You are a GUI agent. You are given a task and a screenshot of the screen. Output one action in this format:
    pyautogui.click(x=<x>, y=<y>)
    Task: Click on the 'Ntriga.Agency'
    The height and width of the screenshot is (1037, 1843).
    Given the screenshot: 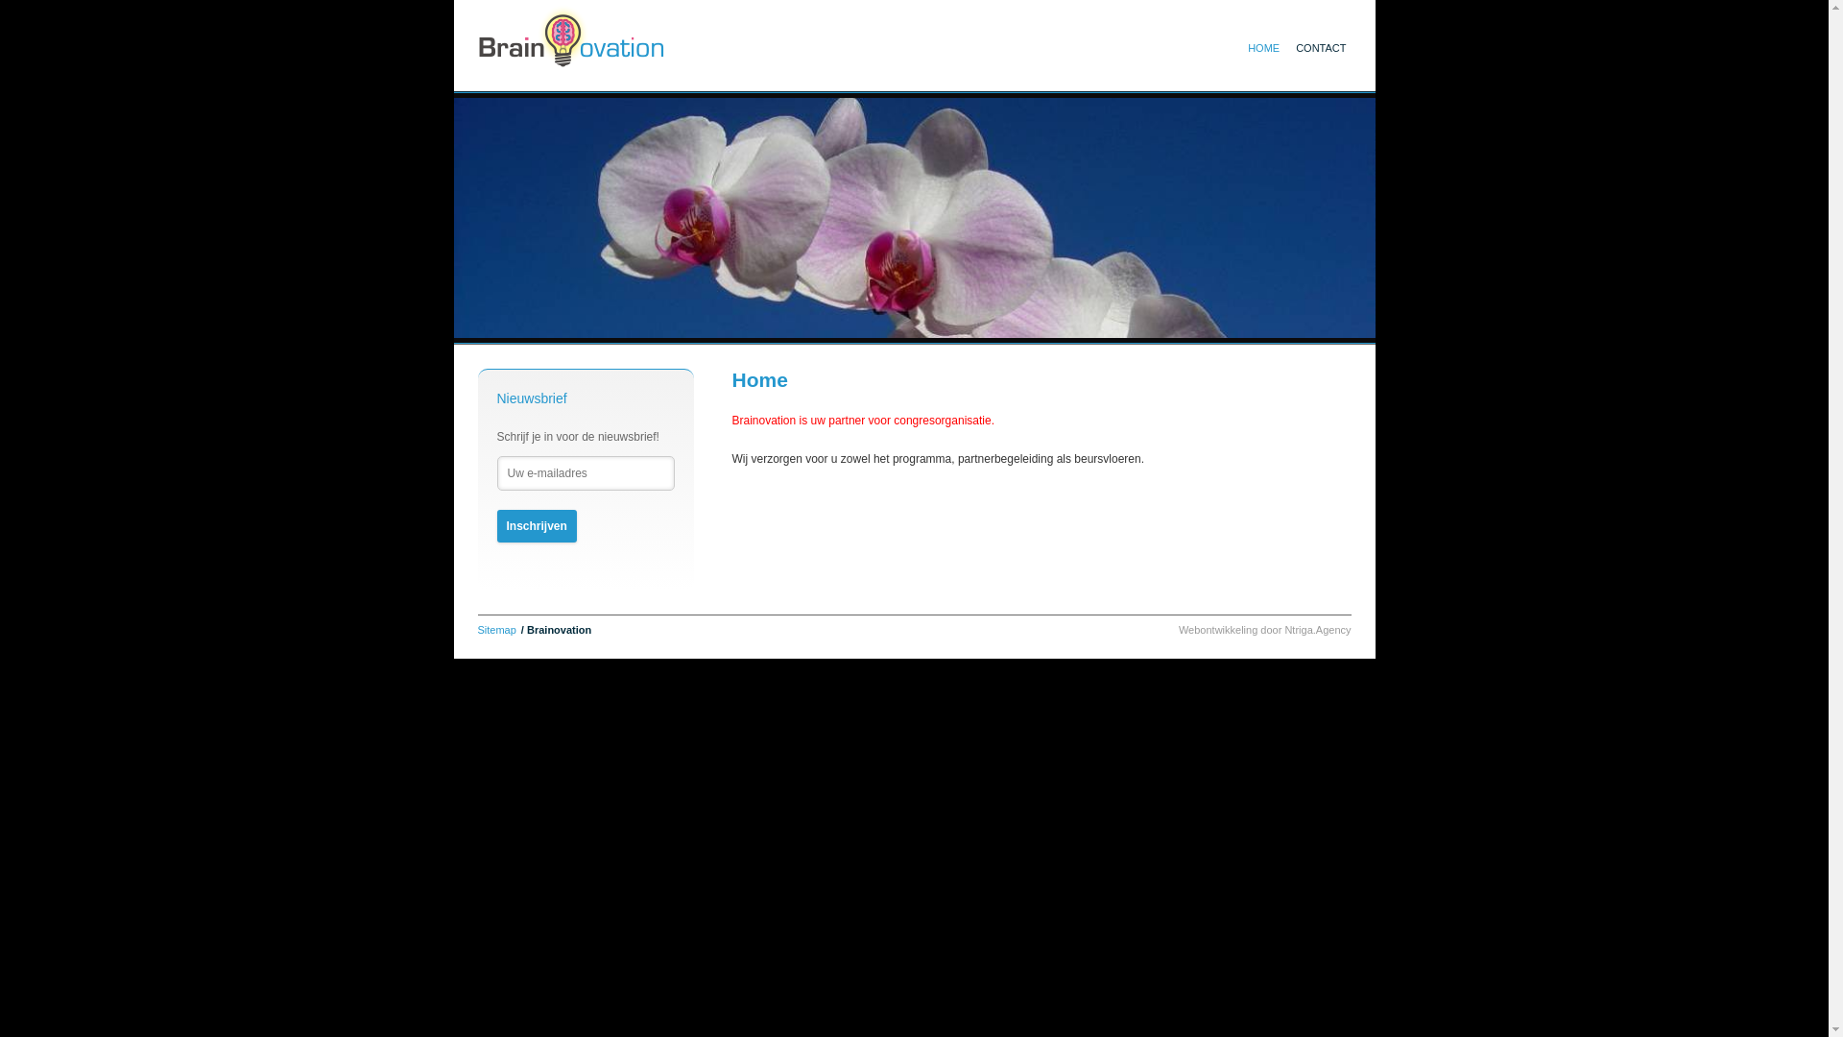 What is the action you would take?
    pyautogui.click(x=1316, y=629)
    